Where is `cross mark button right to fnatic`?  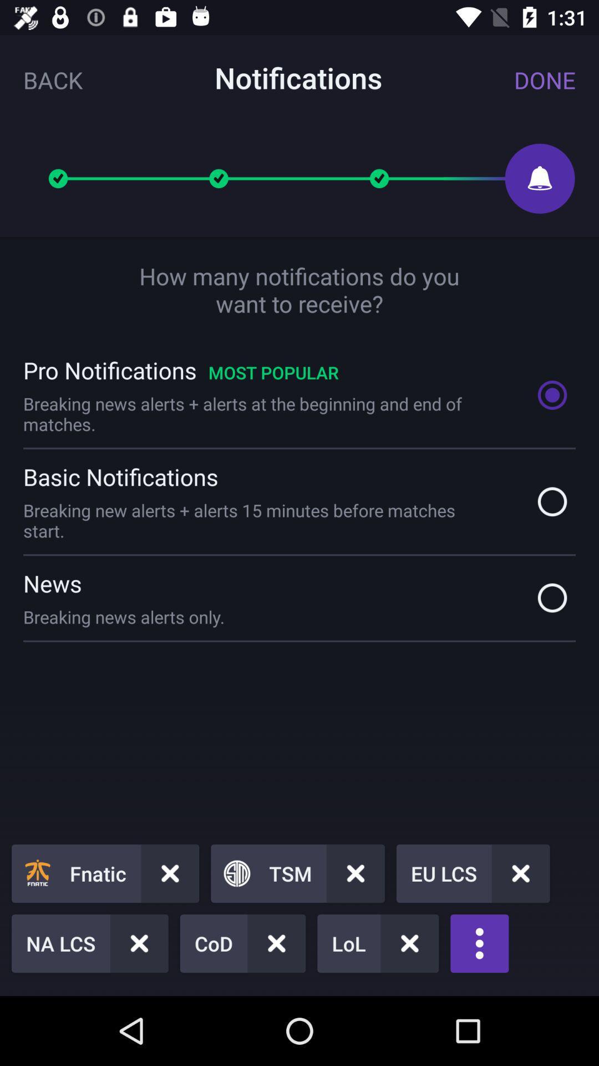
cross mark button right to fnatic is located at coordinates (170, 873).